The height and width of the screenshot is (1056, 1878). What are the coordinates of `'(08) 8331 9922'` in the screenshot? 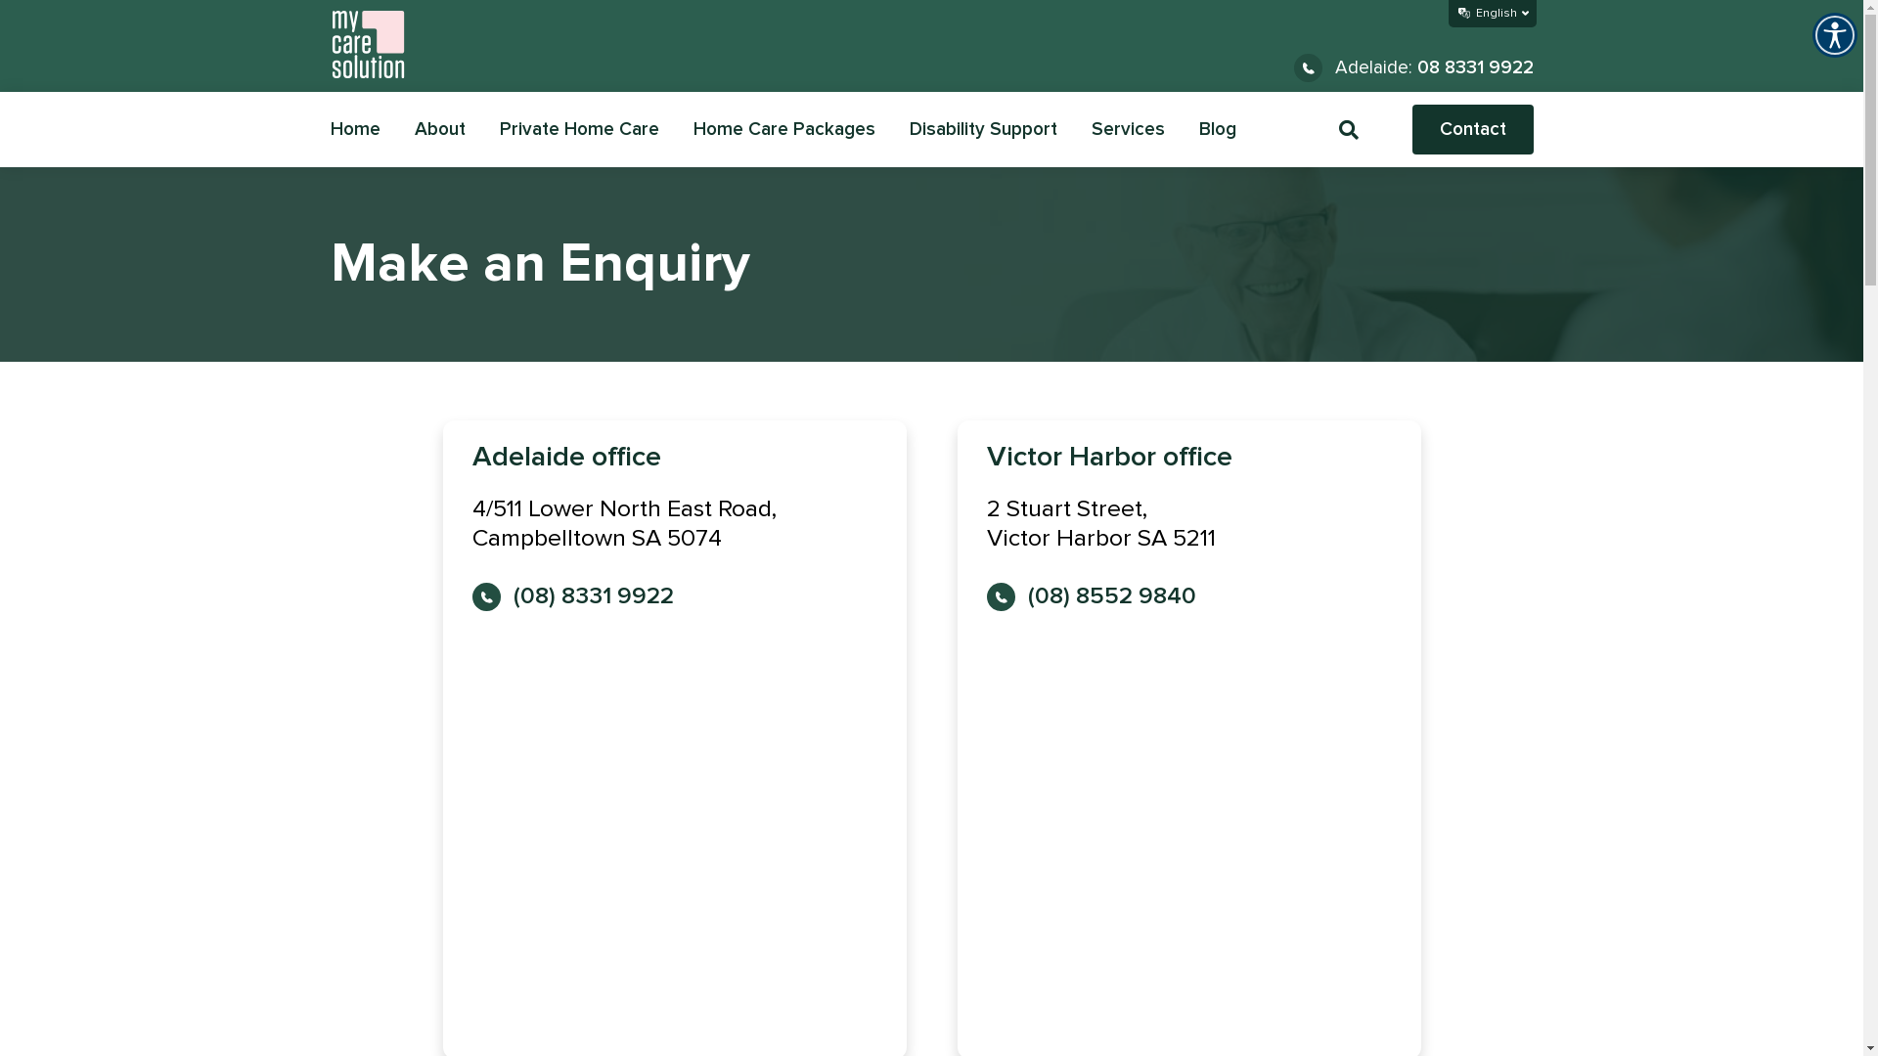 It's located at (571, 595).